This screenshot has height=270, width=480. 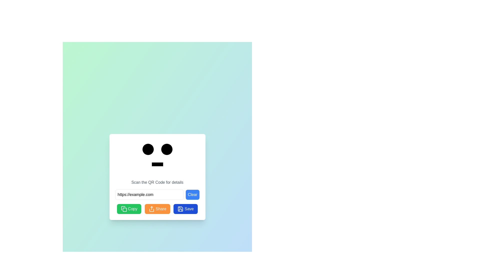 I want to click on the 'Save' button, which is the third and rightmost button in the horizontal arrangement of buttons labeled 'Copy', 'Share', and 'Save', so click(x=185, y=209).